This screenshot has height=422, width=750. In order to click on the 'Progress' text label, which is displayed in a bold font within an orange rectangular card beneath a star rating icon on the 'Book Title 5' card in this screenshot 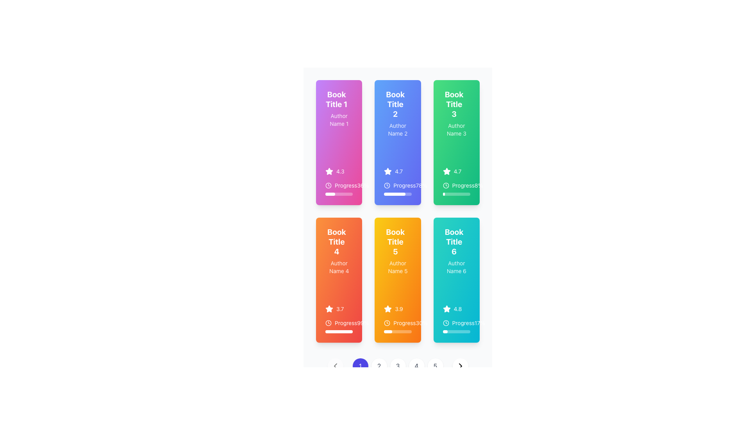, I will do `click(405, 323)`.